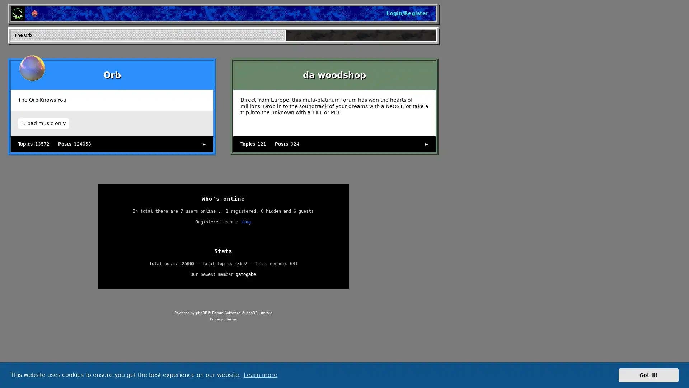 The width and height of the screenshot is (689, 388). I want to click on learn more about cookies, so click(260, 375).